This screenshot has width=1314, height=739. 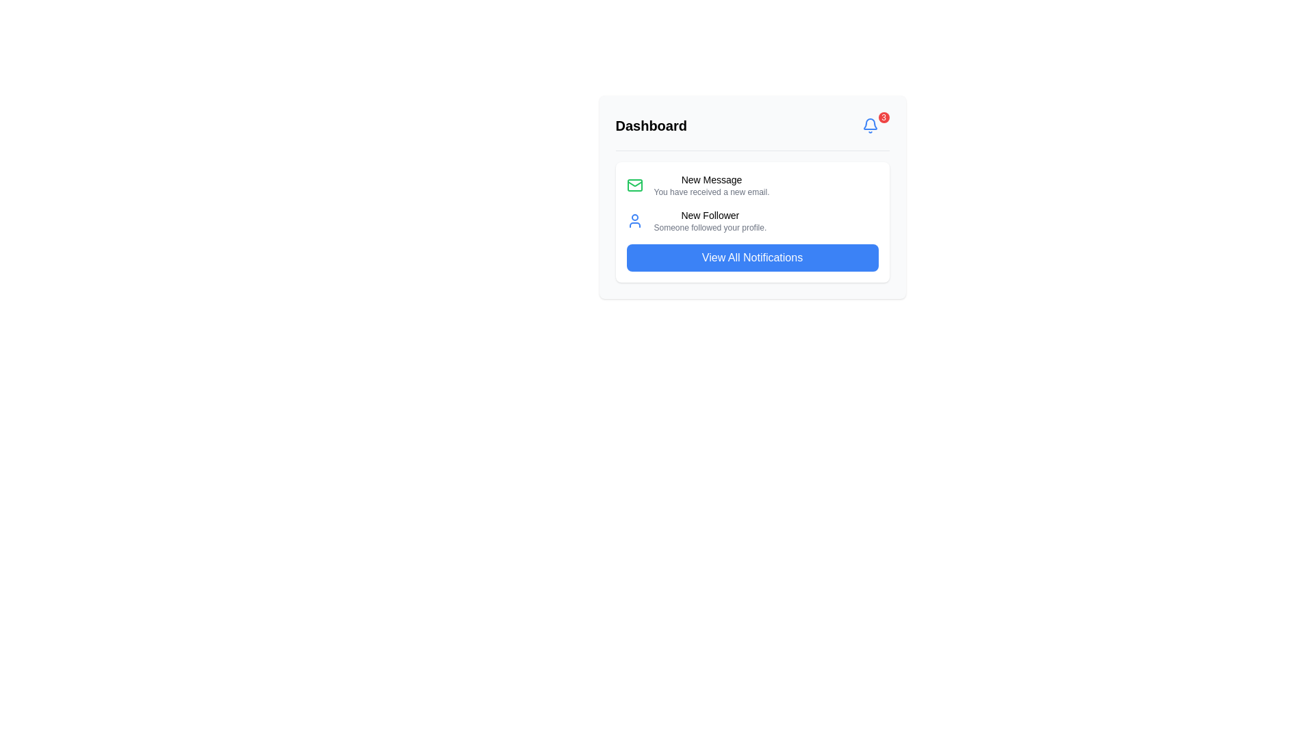 What do you see at coordinates (710, 216) in the screenshot?
I see `the title label of the second notification on the right side of the dashboard` at bounding box center [710, 216].